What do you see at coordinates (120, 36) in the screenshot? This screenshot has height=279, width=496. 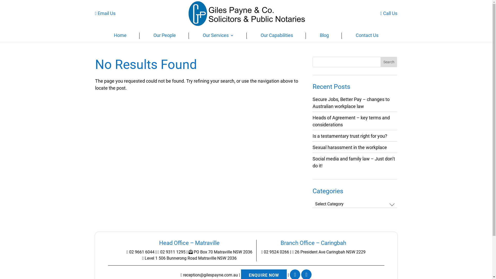 I see `'Home'` at bounding box center [120, 36].